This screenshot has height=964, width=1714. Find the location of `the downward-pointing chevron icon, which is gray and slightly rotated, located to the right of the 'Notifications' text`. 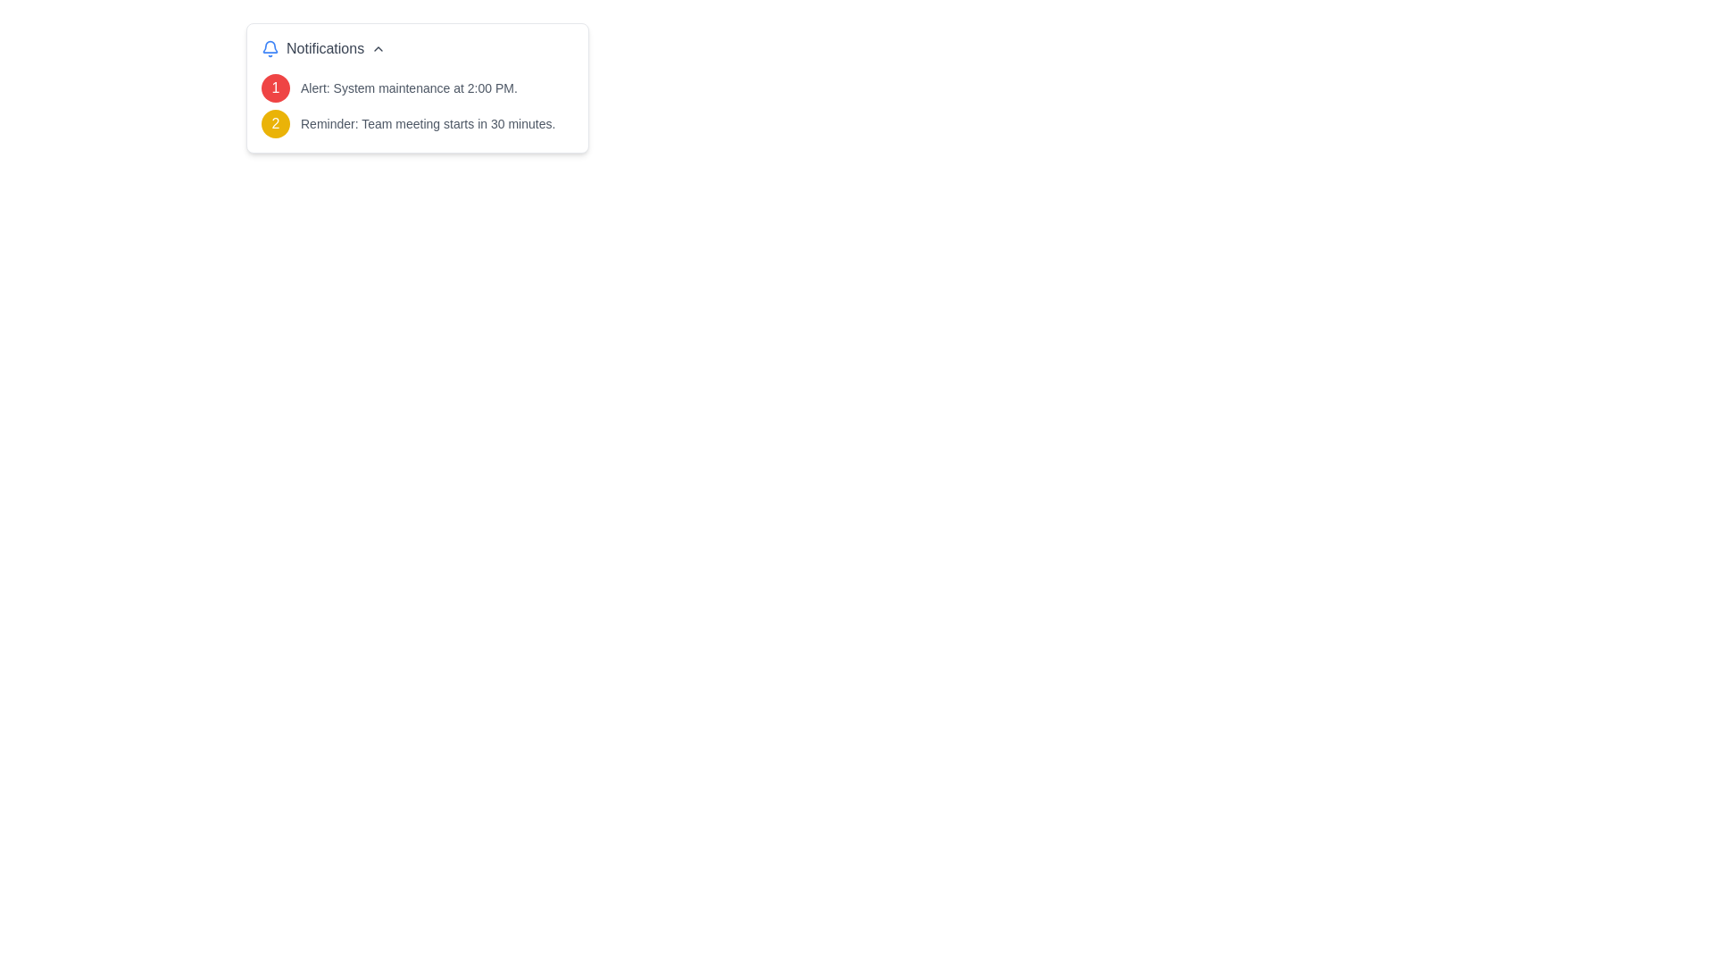

the downward-pointing chevron icon, which is gray and slightly rotated, located to the right of the 'Notifications' text is located at coordinates (378, 47).